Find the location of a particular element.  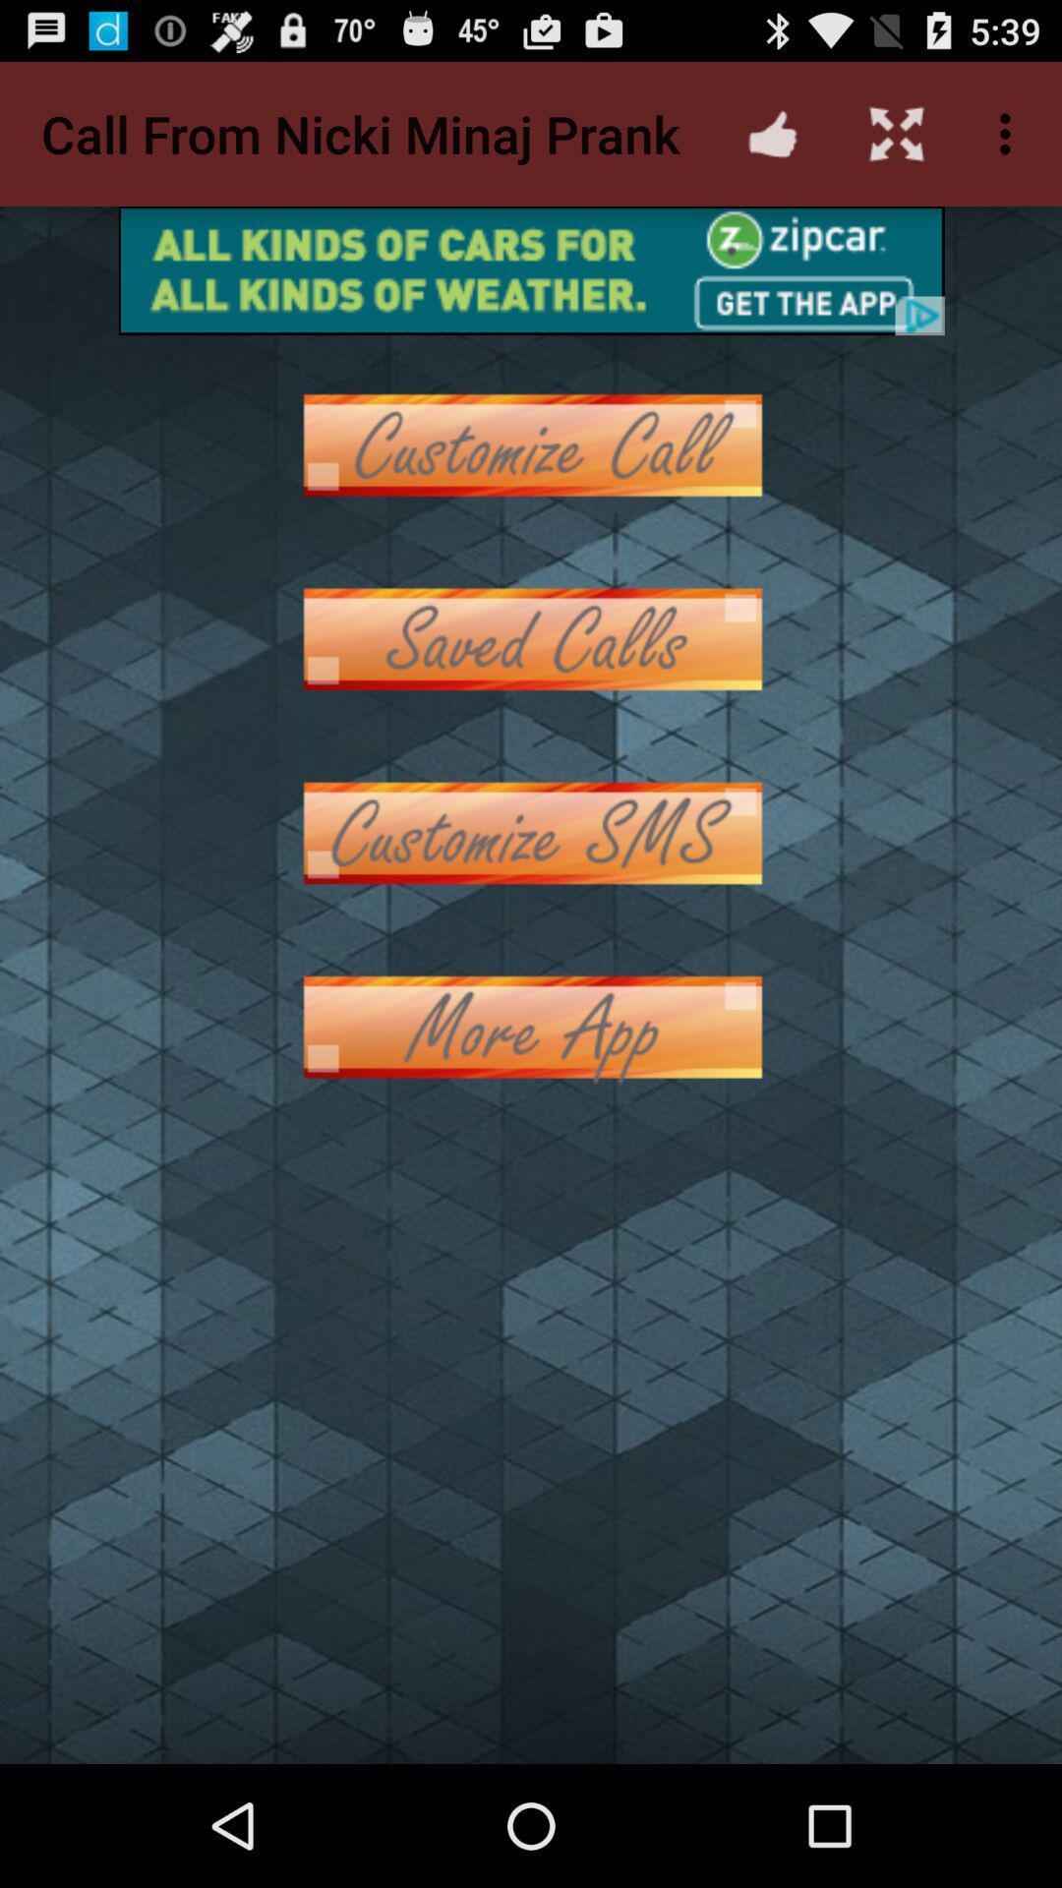

games page is located at coordinates (531, 639).